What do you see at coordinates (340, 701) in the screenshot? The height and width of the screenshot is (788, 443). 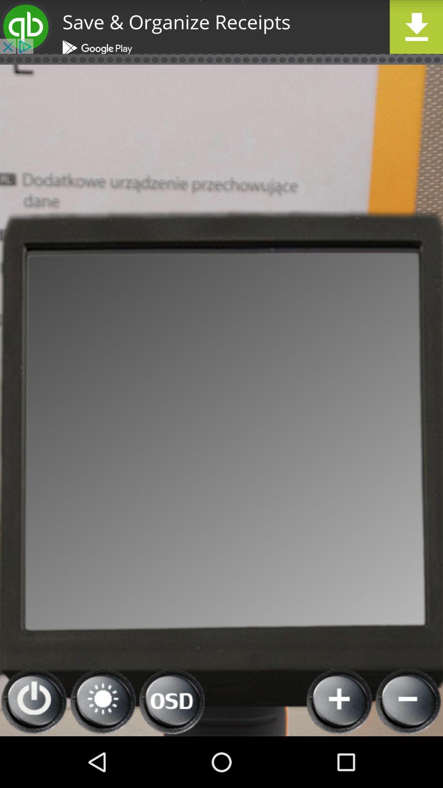 I see `to image` at bounding box center [340, 701].